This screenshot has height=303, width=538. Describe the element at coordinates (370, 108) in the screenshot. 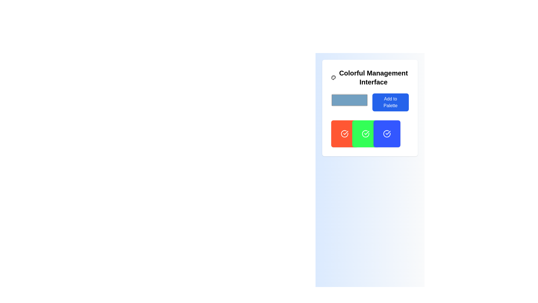

I see `colors within the color management interface for reorganization, specifically targeting the color previews arranged horizontally at the bottom of the section` at that location.